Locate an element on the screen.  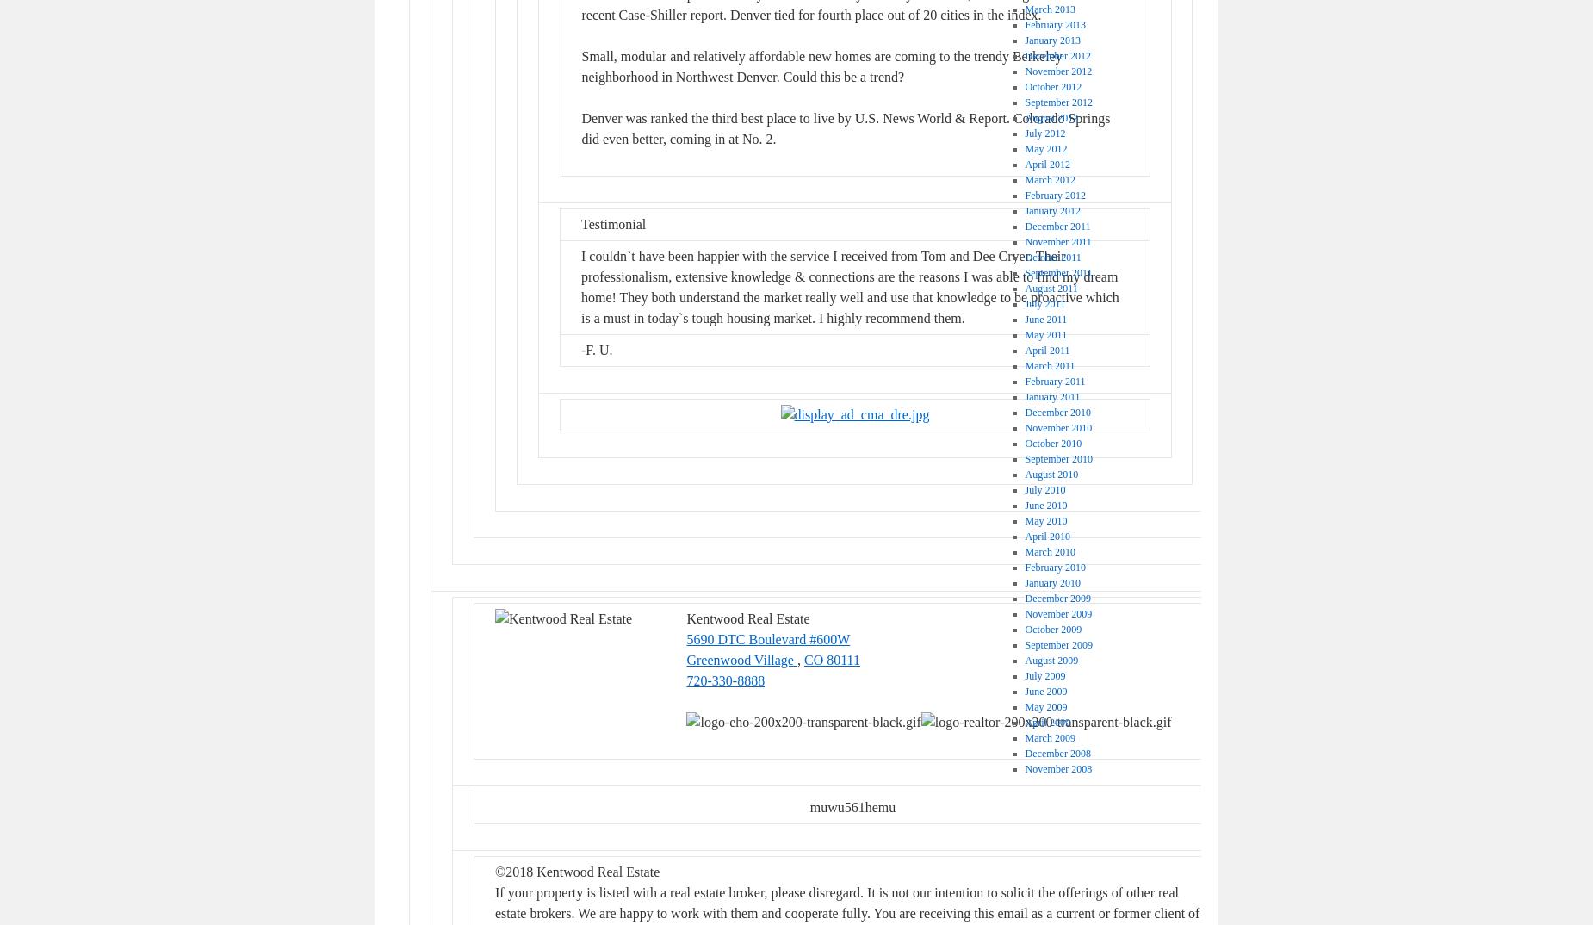
'Testimonial' is located at coordinates (613, 223).